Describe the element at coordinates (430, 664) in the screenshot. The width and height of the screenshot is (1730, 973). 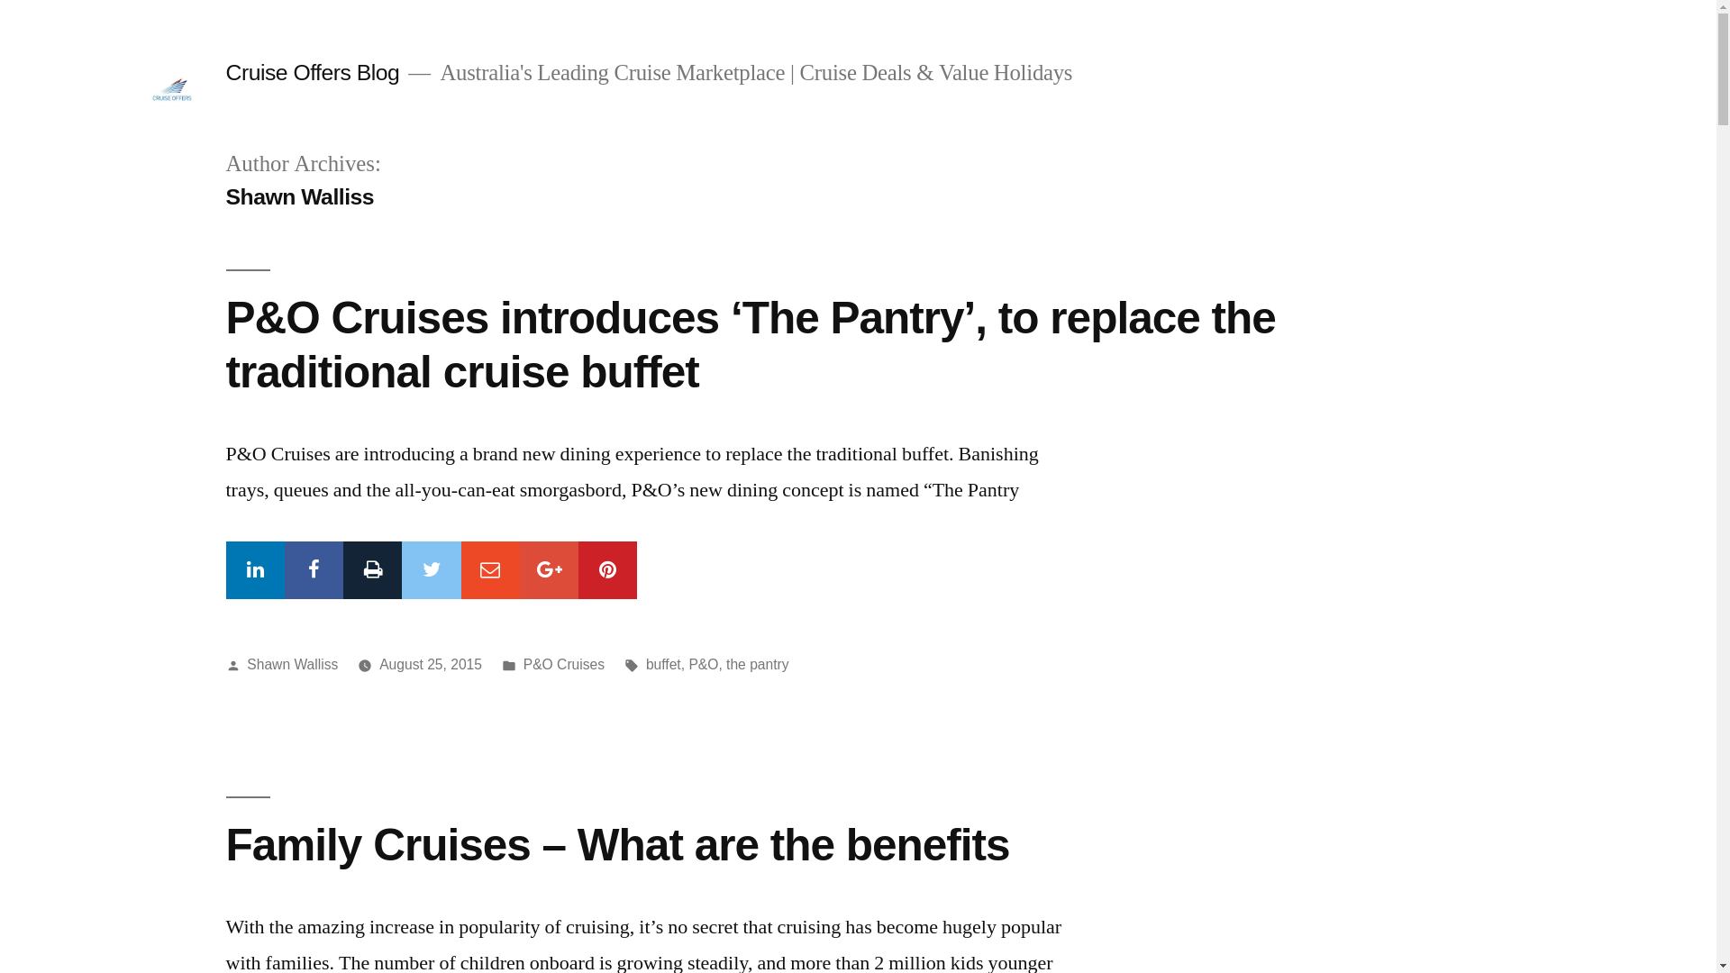
I see `'August 25, 2015'` at that location.